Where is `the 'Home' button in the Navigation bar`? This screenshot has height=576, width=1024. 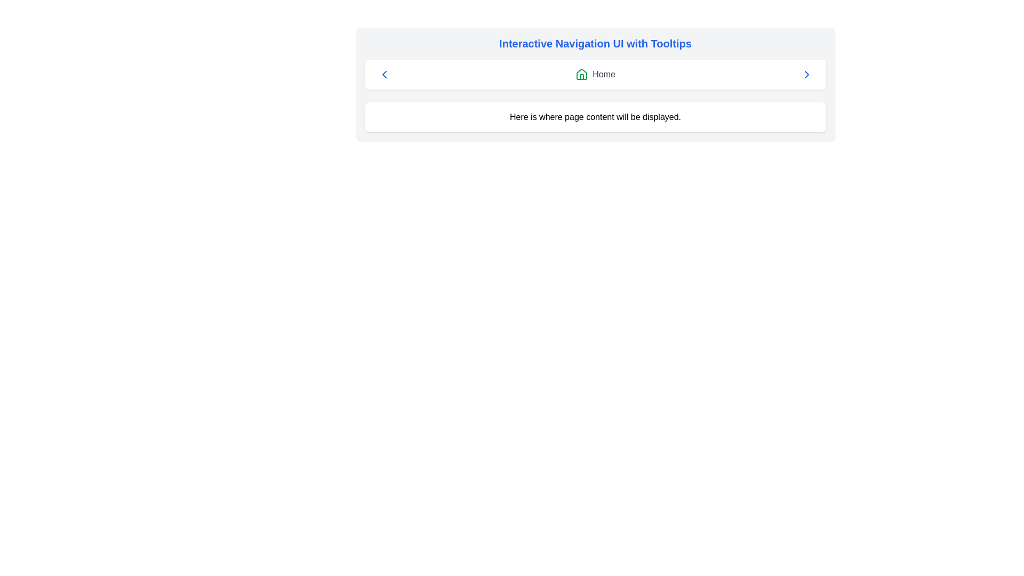 the 'Home' button in the Navigation bar is located at coordinates (595, 74).